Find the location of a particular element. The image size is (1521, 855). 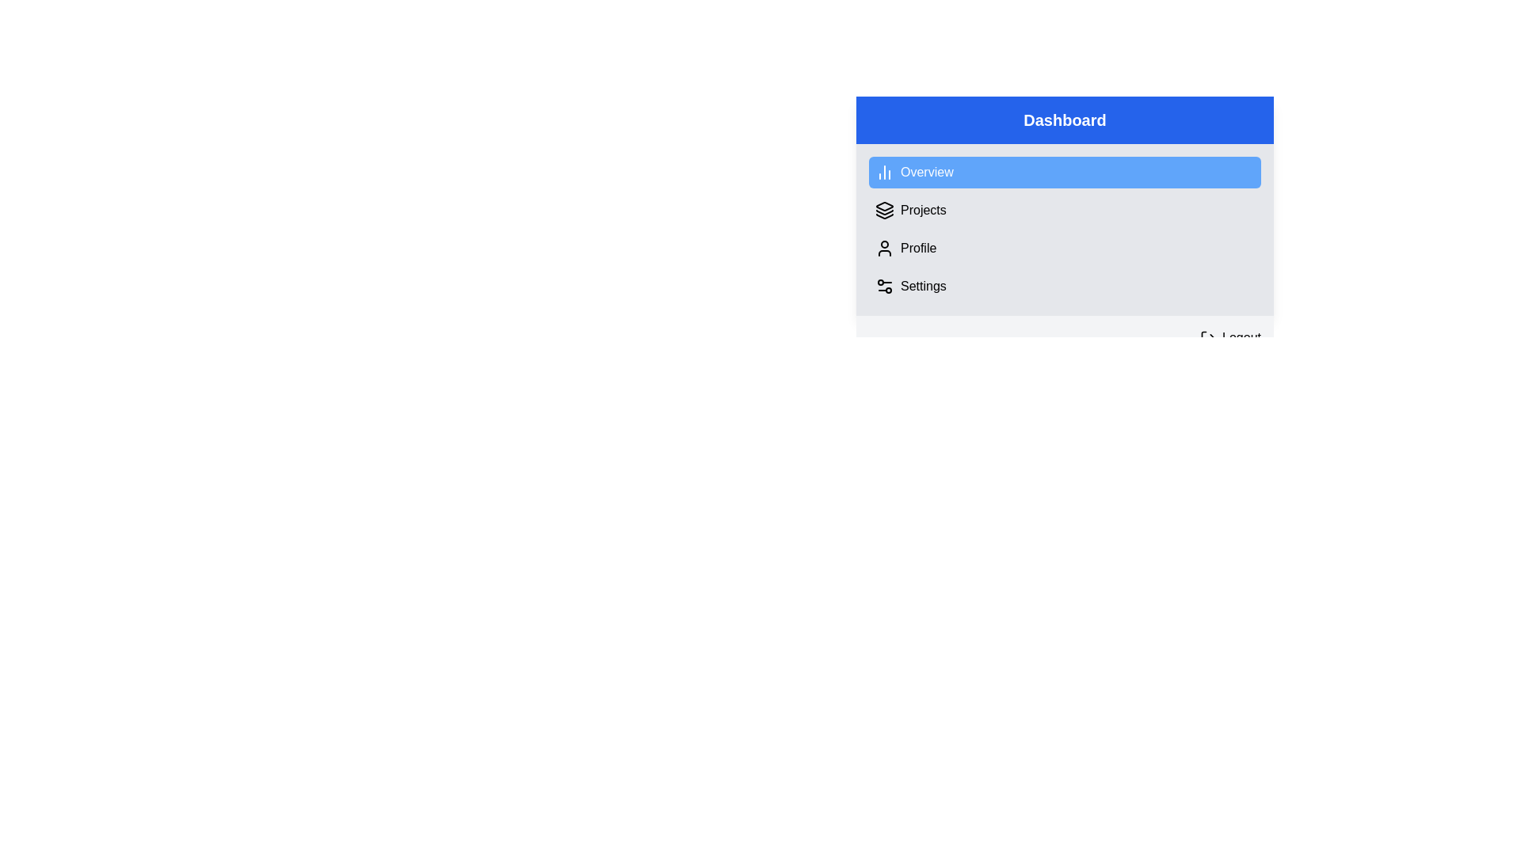

the Logout icon located at the bottom of the sidebar is located at coordinates (1207, 337).